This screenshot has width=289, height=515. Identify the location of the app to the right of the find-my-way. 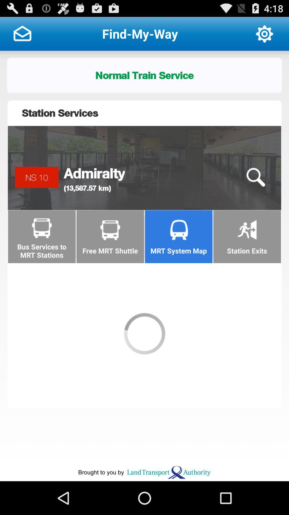
(264, 33).